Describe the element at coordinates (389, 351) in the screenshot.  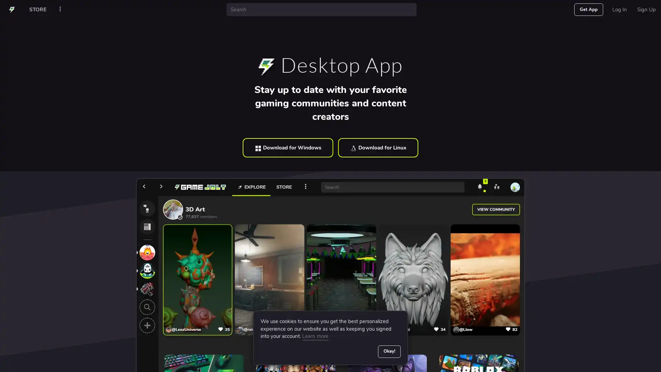
I see `Okay!` at that location.